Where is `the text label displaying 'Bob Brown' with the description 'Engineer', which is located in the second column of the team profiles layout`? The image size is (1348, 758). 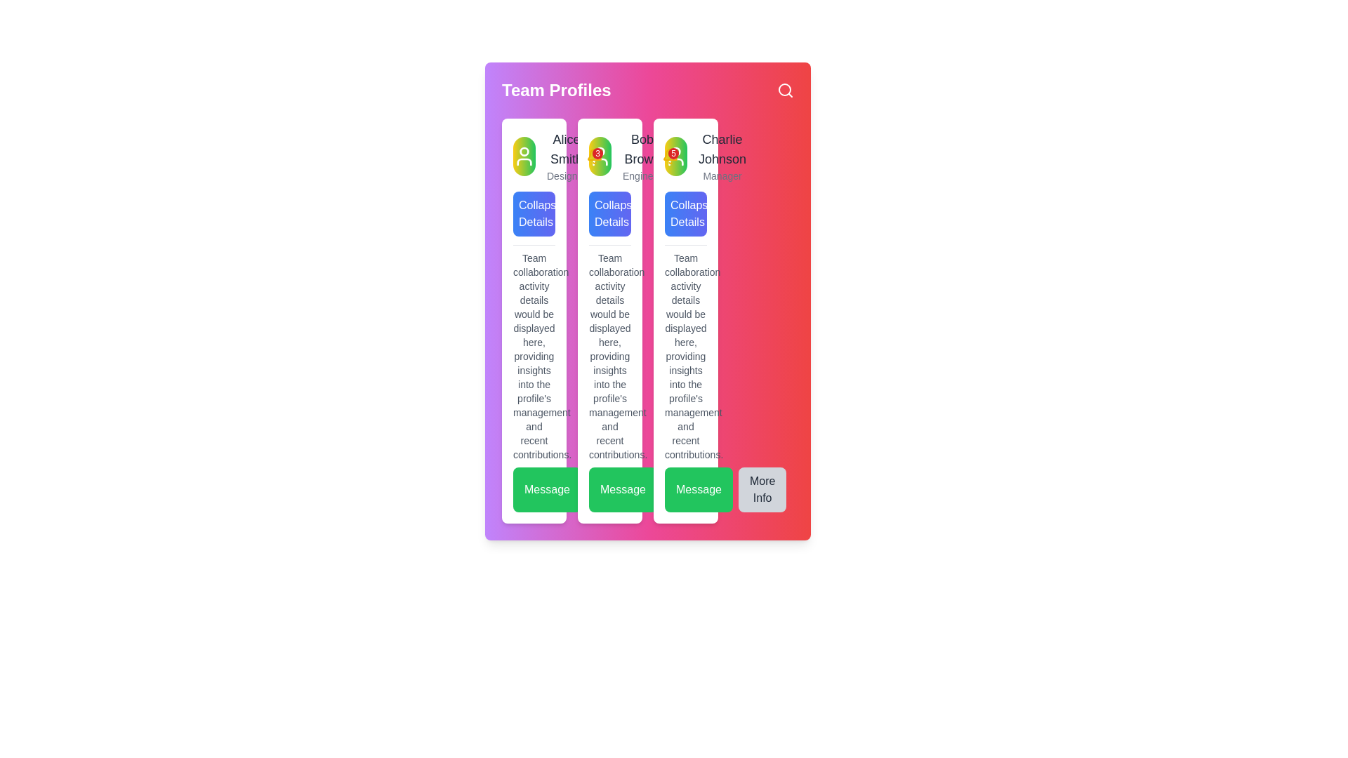
the text label displaying 'Bob Brown' with the description 'Engineer', which is located in the second column of the team profiles layout is located at coordinates (642, 157).